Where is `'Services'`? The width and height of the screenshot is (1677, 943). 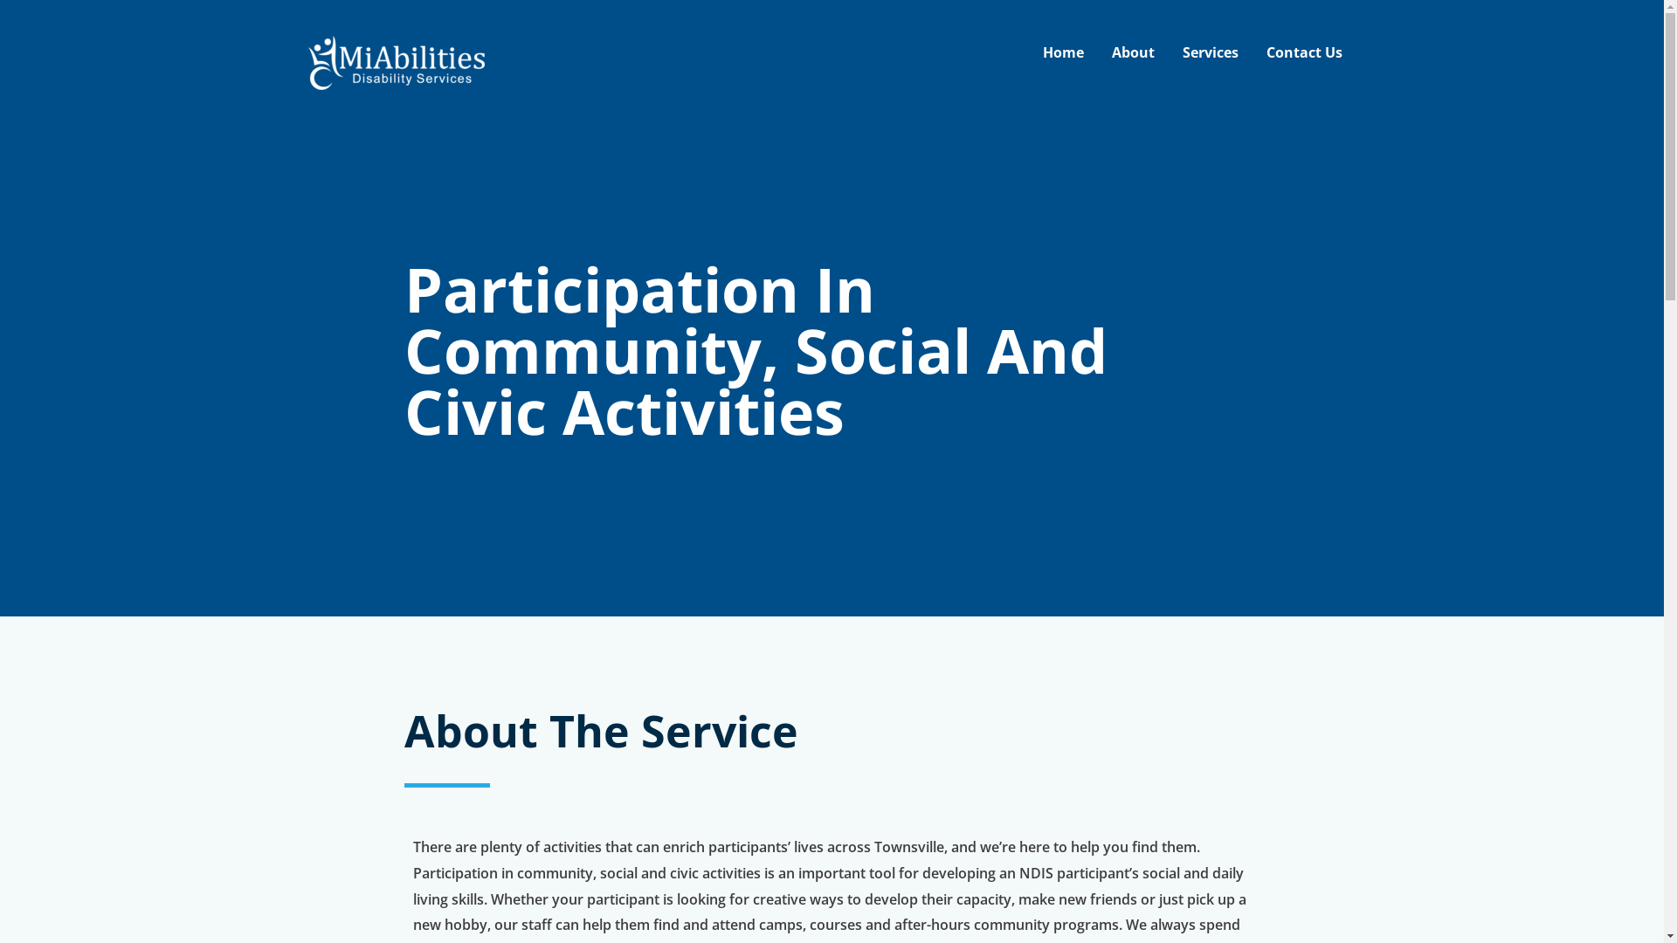
'Services' is located at coordinates (1210, 52).